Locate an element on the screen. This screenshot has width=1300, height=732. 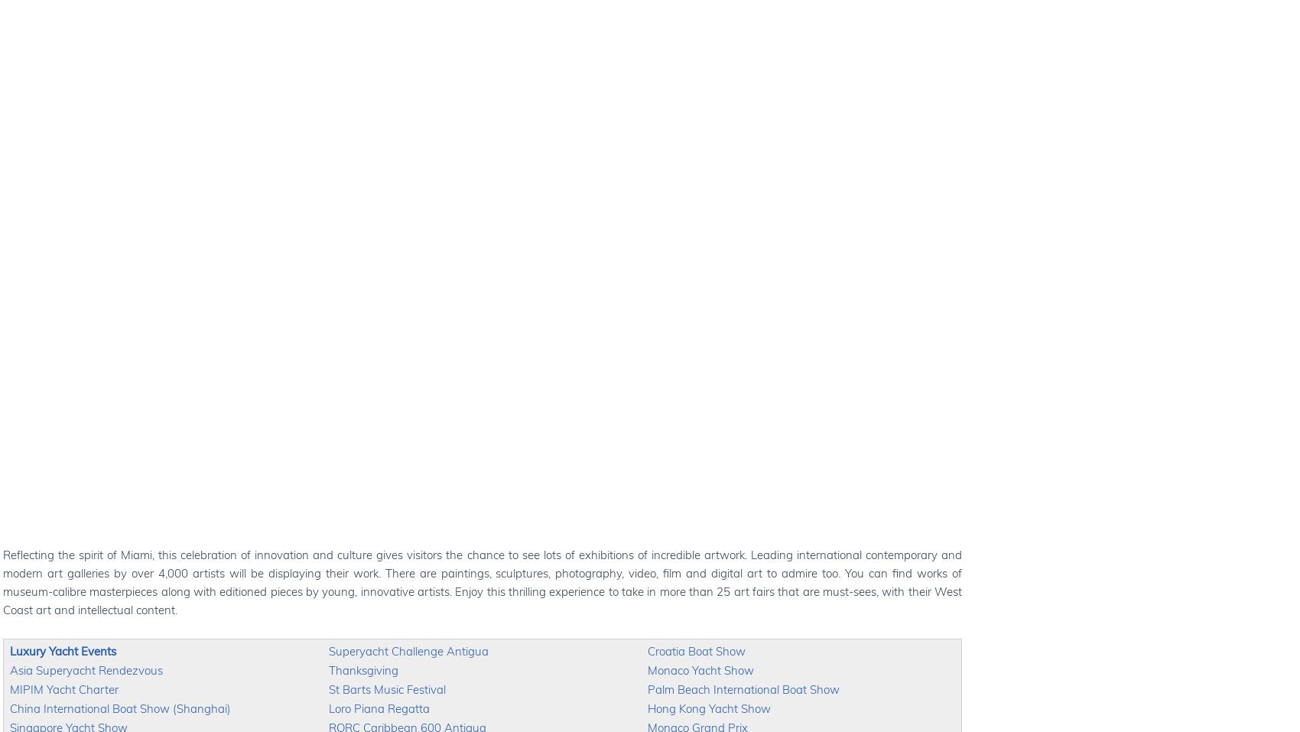
'Thanksgiving' is located at coordinates (328, 670).